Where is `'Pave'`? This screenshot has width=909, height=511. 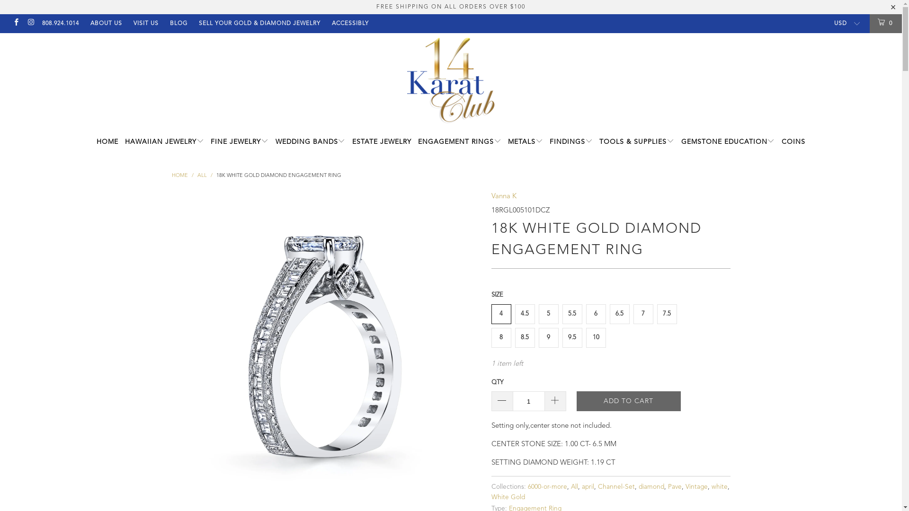
'Pave' is located at coordinates (667, 487).